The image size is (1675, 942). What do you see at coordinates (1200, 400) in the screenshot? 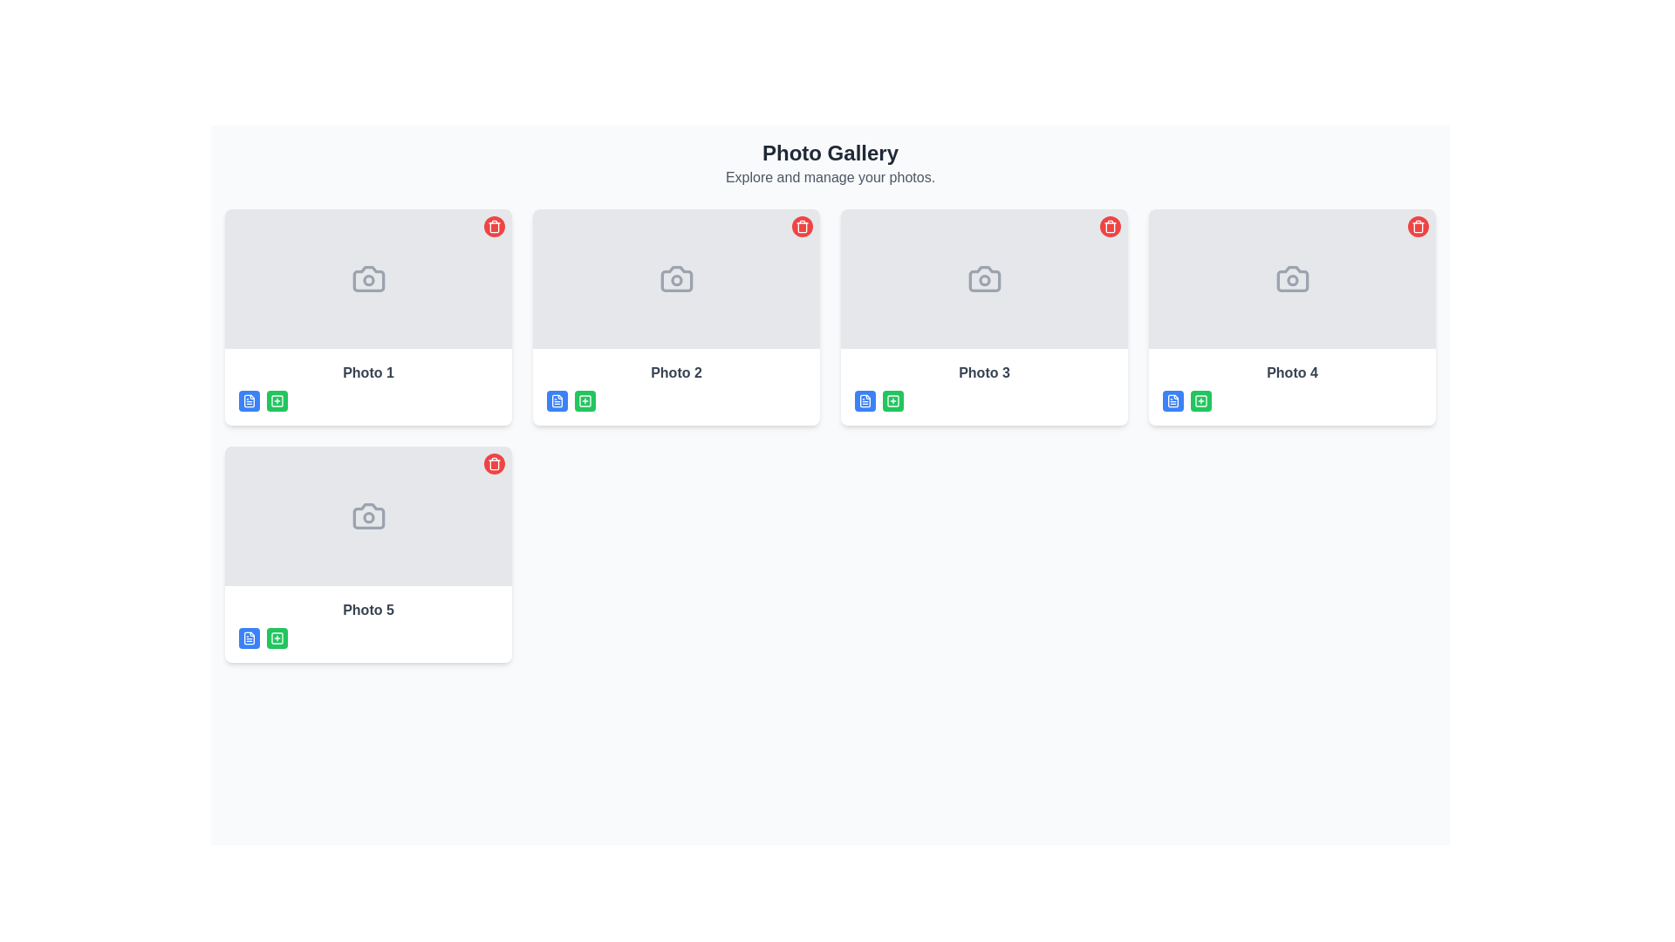
I see `the second button in the horizontal group located under 'Photo 4'` at bounding box center [1200, 400].